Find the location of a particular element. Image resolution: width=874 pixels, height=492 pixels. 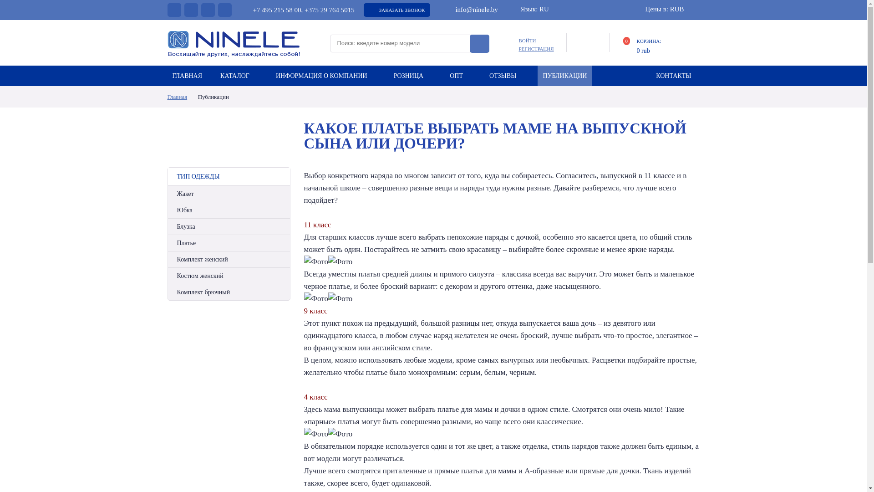

'info@ninele.by' is located at coordinates (470, 9).